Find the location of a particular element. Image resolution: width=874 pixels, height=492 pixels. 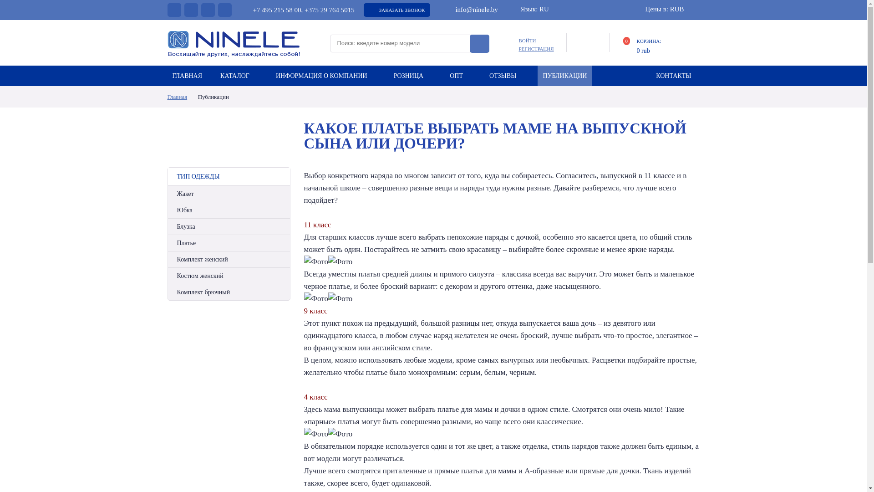

'info@ninele.by' is located at coordinates (470, 9).